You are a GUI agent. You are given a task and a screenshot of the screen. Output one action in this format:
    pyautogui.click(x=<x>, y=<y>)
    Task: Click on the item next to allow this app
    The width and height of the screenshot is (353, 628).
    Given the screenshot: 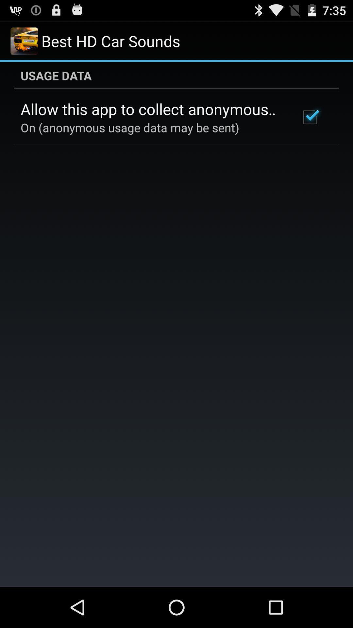 What is the action you would take?
    pyautogui.click(x=310, y=117)
    